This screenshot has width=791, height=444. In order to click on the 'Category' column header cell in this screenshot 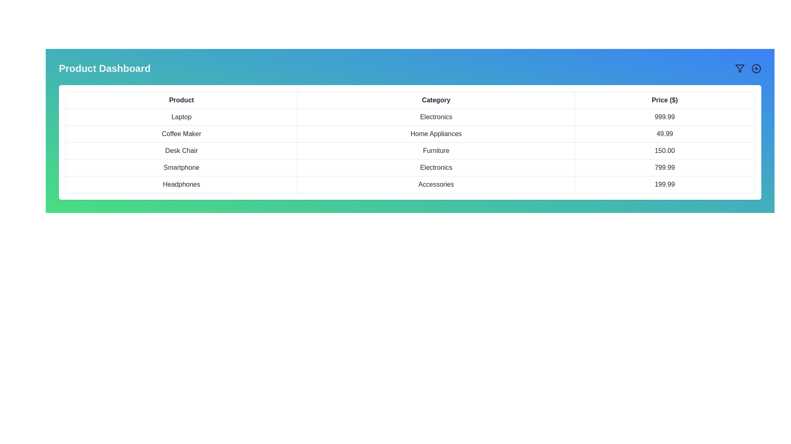, I will do `click(435, 99)`.